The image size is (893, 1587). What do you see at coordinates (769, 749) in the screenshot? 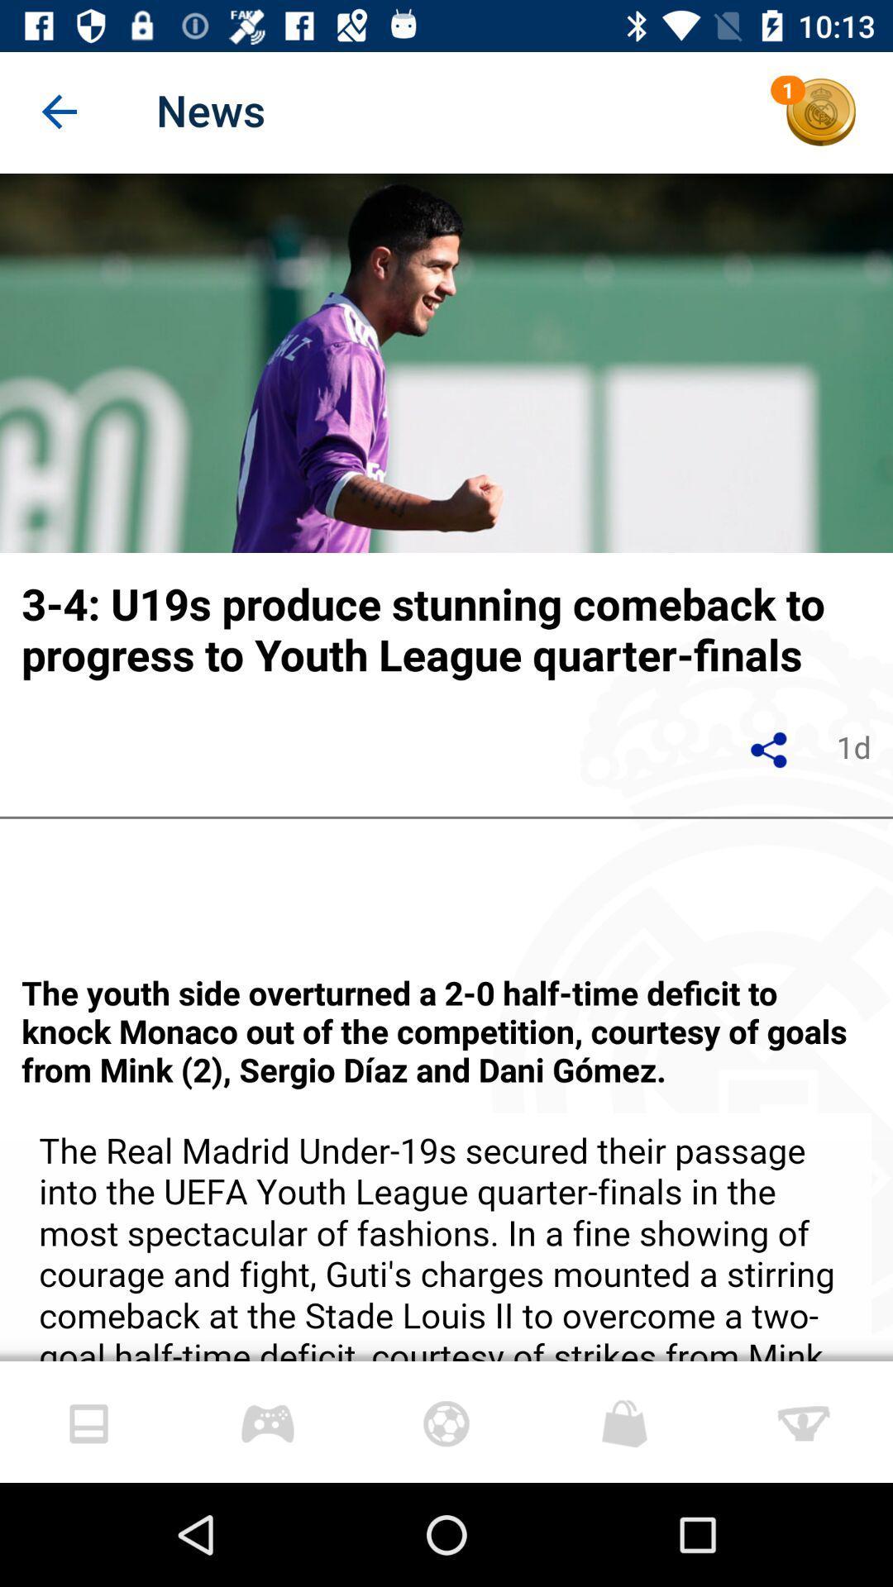
I see `tap the share icon` at bounding box center [769, 749].